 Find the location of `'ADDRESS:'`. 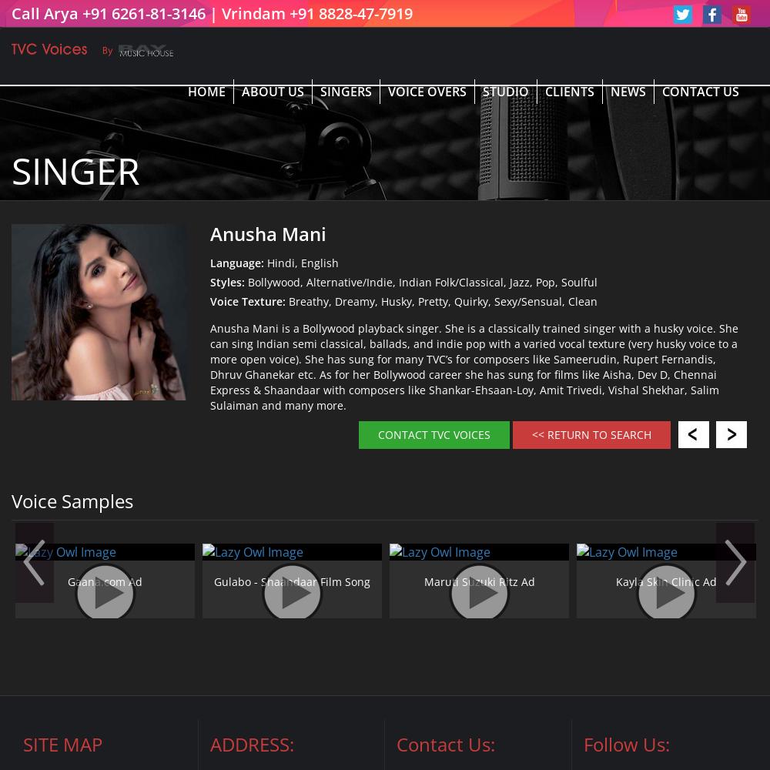

'ADDRESS:' is located at coordinates (250, 743).